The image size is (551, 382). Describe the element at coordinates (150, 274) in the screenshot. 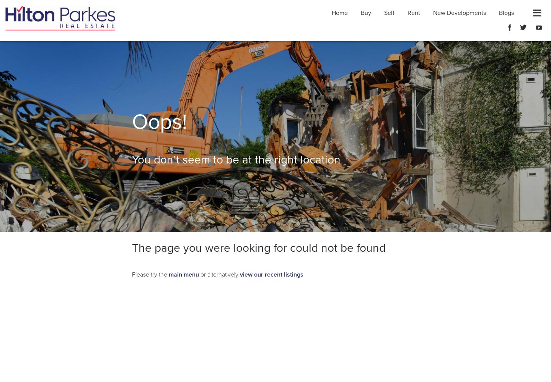

I see `'Please try the'` at that location.